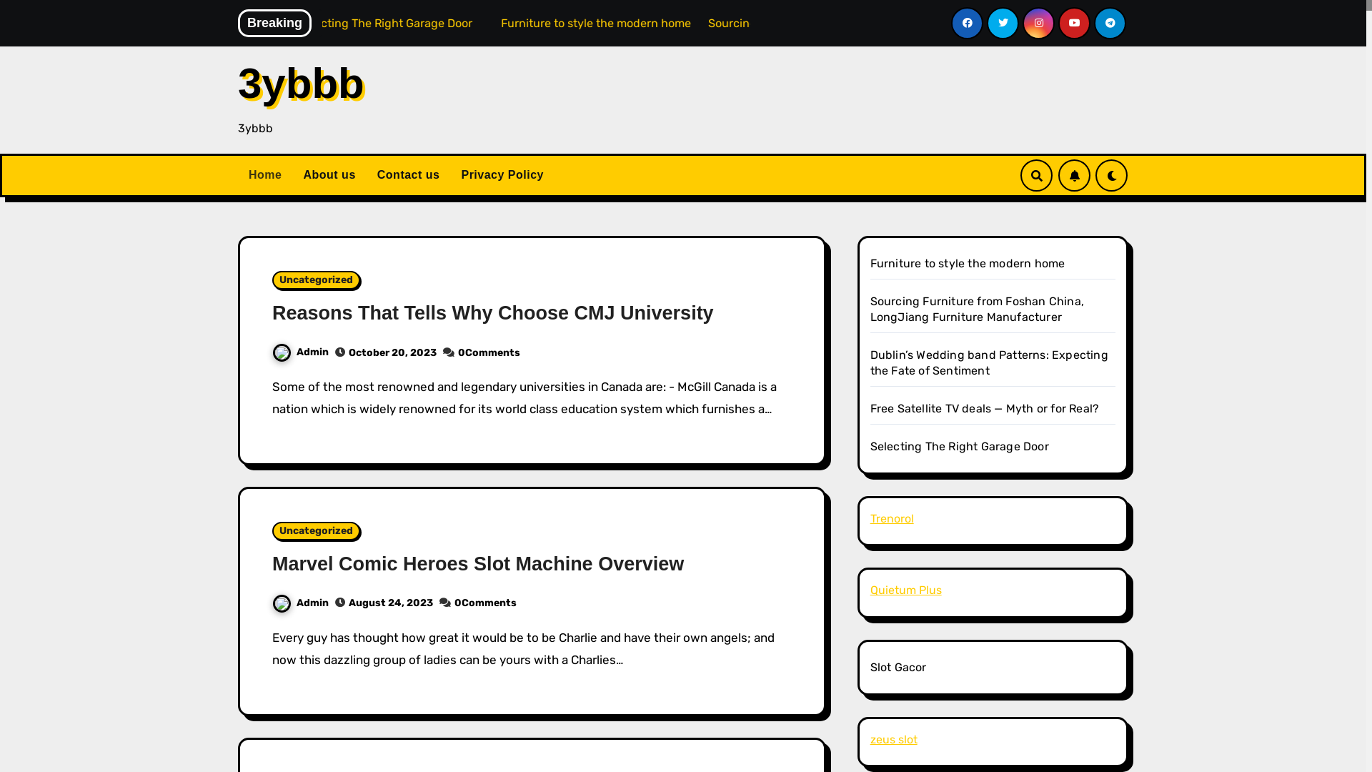  I want to click on 'October 20, 2023', so click(392, 352).